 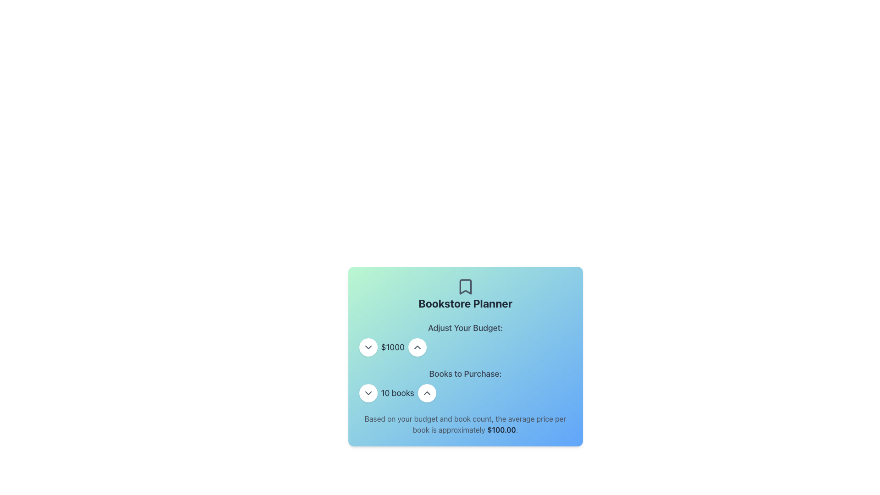 I want to click on title section of the 'Bookstore Planner' card, which includes a heading and an icon at the top of the card, so click(x=465, y=294).